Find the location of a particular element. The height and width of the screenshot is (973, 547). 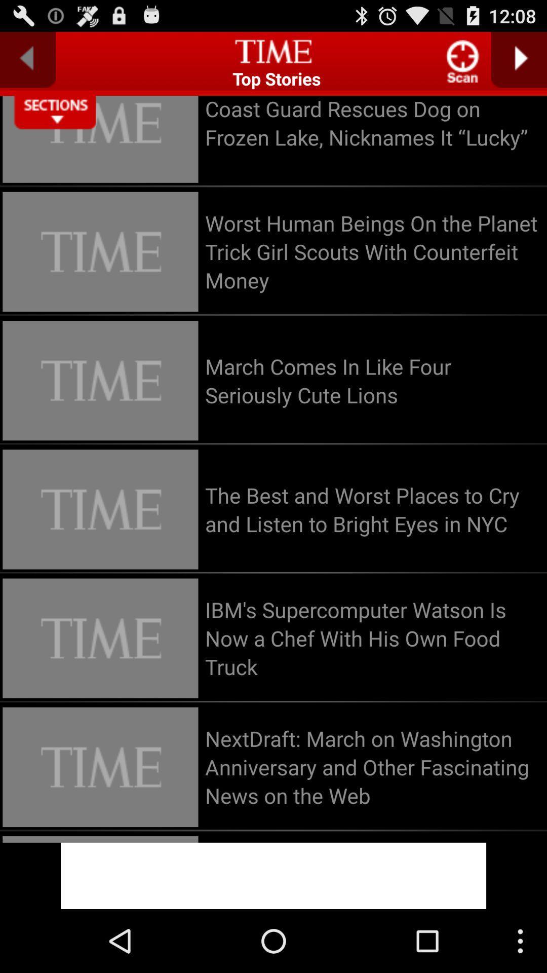

next page is located at coordinates (519, 59).